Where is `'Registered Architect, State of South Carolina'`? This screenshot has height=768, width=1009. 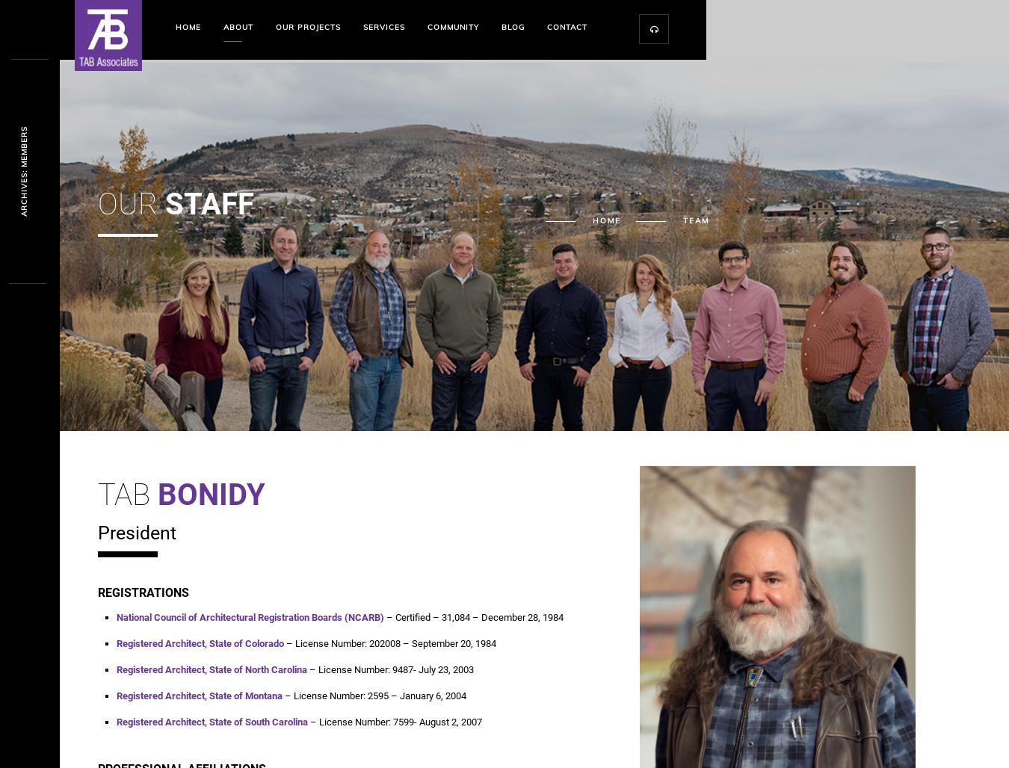
'Registered Architect, State of South Carolina' is located at coordinates (212, 721).